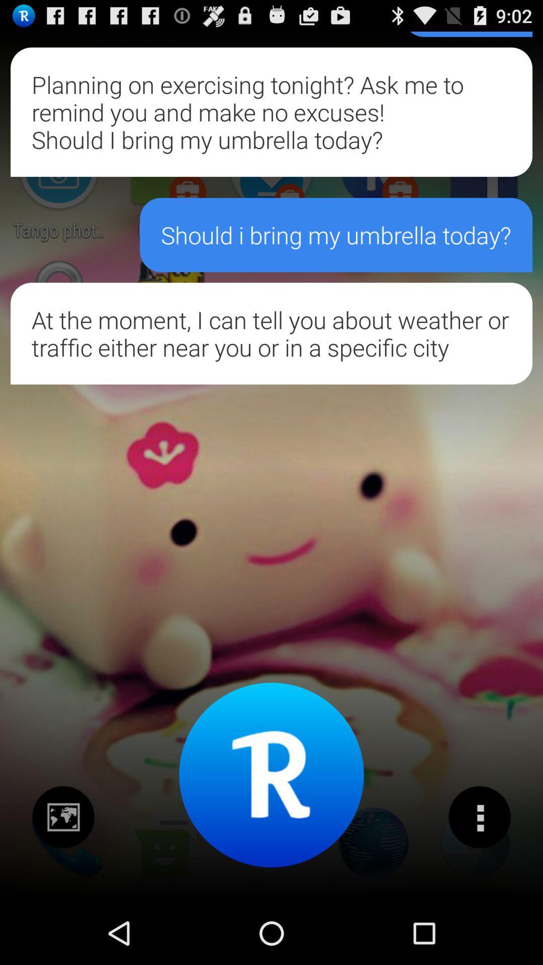  I want to click on some image, so click(63, 817).